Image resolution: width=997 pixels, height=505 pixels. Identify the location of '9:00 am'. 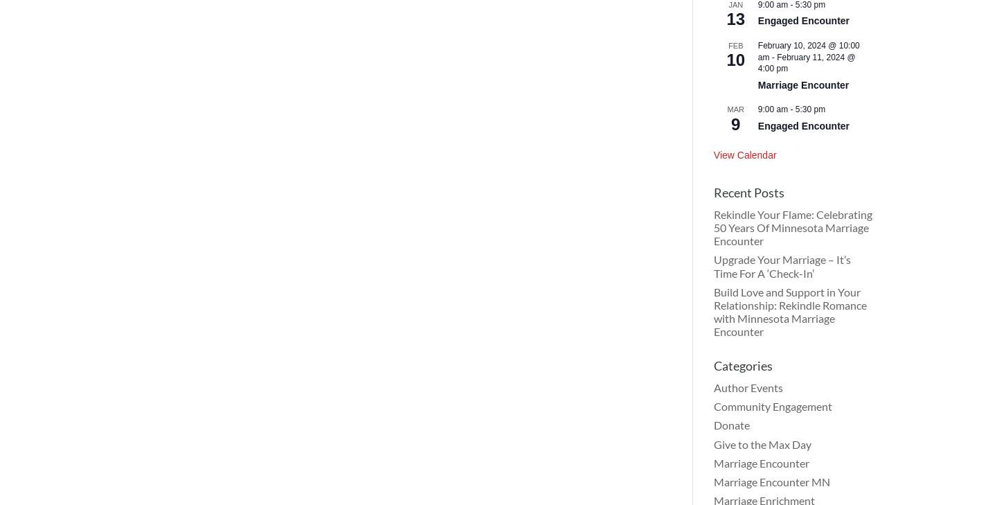
(772, 108).